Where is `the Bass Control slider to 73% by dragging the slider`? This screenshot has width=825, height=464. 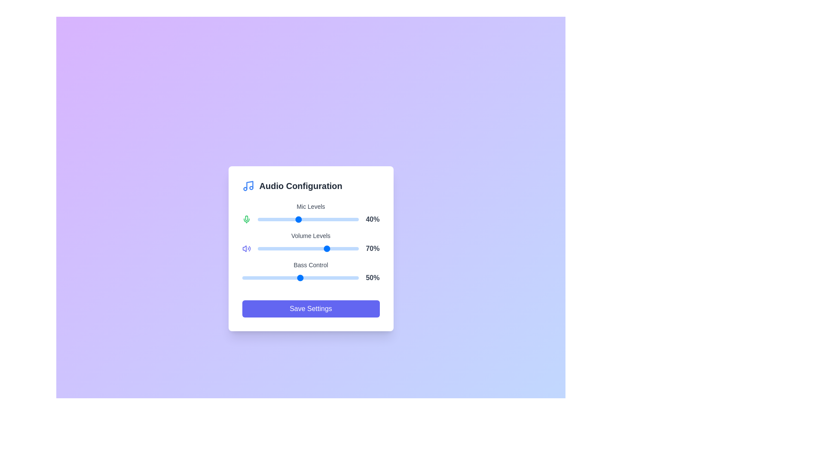
the Bass Control slider to 73% by dragging the slider is located at coordinates (327, 278).